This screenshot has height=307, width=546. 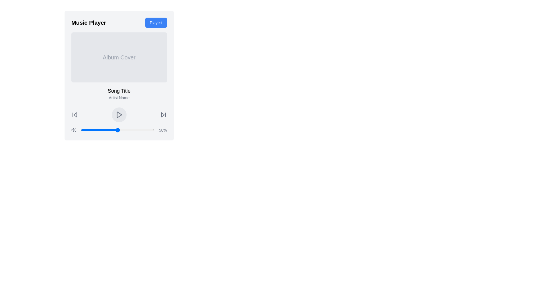 I want to click on the text label displaying details about the currently playing song, which is positioned below the 'Album Cover' and above the music controls section, so click(x=119, y=94).